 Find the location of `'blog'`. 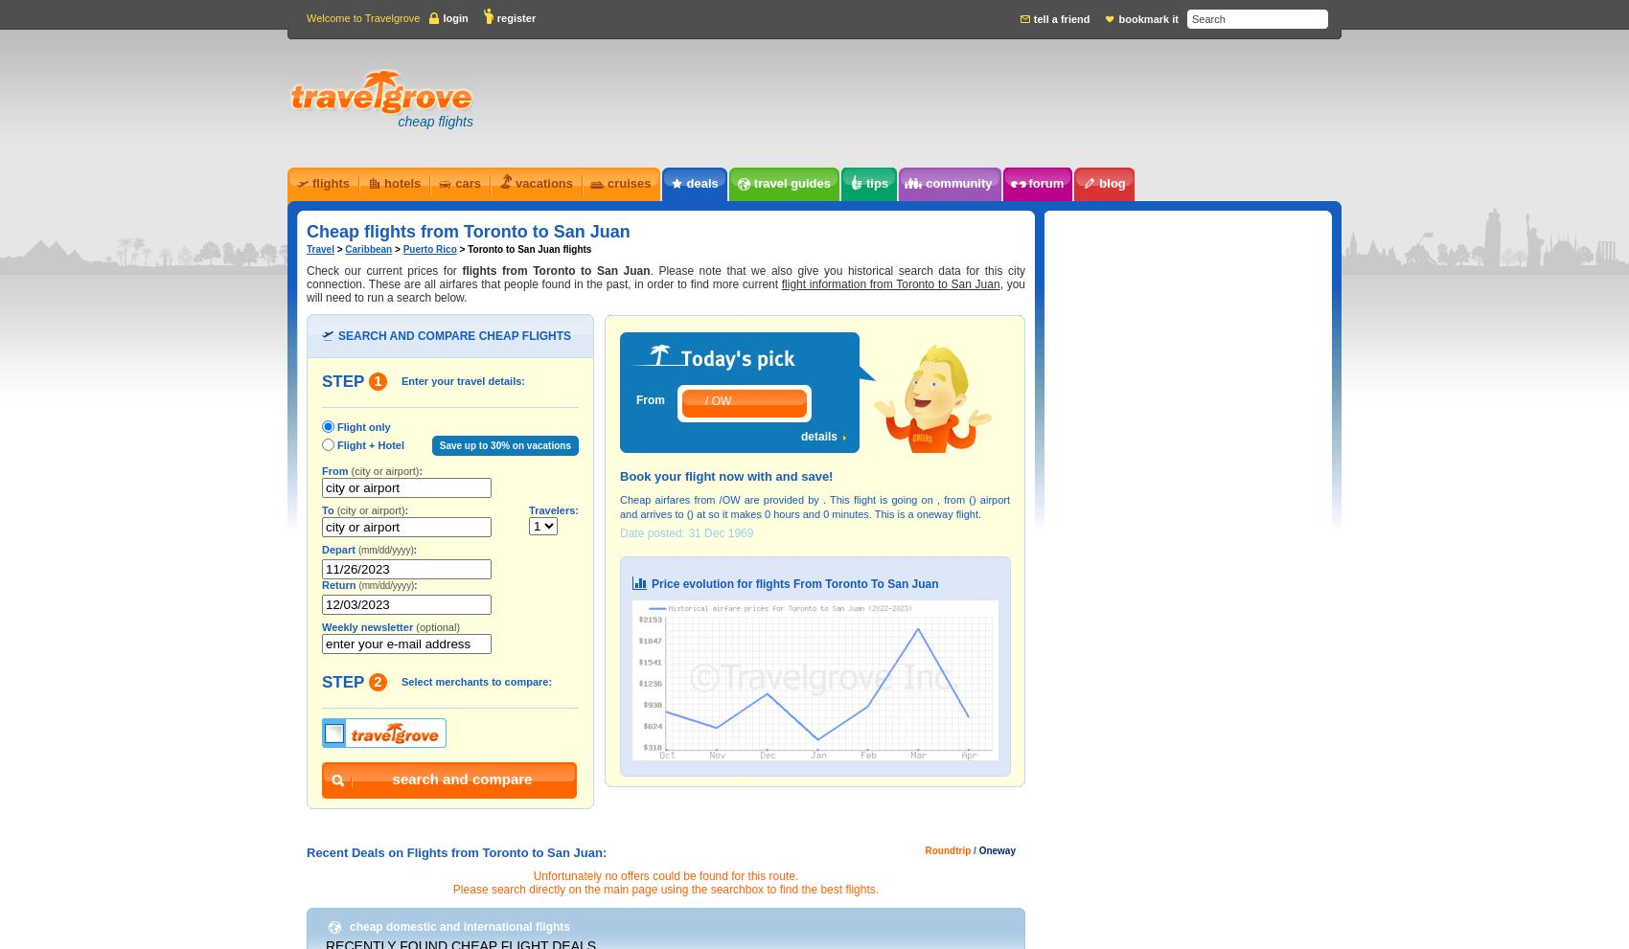

'blog' is located at coordinates (1112, 182).